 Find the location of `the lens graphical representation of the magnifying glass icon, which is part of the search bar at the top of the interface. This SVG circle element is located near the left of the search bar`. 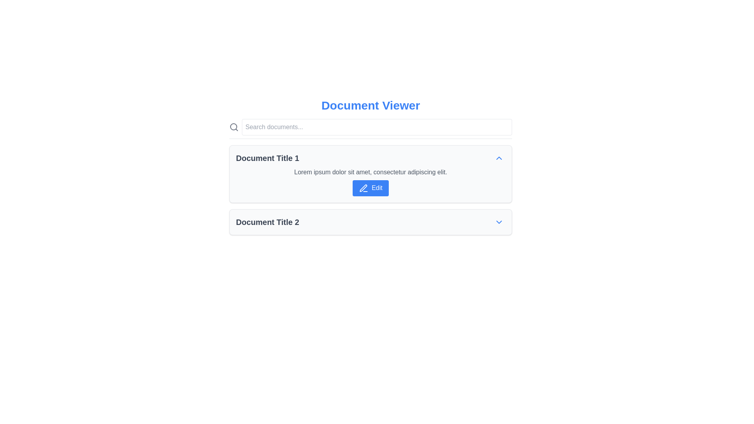

the lens graphical representation of the magnifying glass icon, which is part of the search bar at the top of the interface. This SVG circle element is located near the left of the search bar is located at coordinates (233, 126).